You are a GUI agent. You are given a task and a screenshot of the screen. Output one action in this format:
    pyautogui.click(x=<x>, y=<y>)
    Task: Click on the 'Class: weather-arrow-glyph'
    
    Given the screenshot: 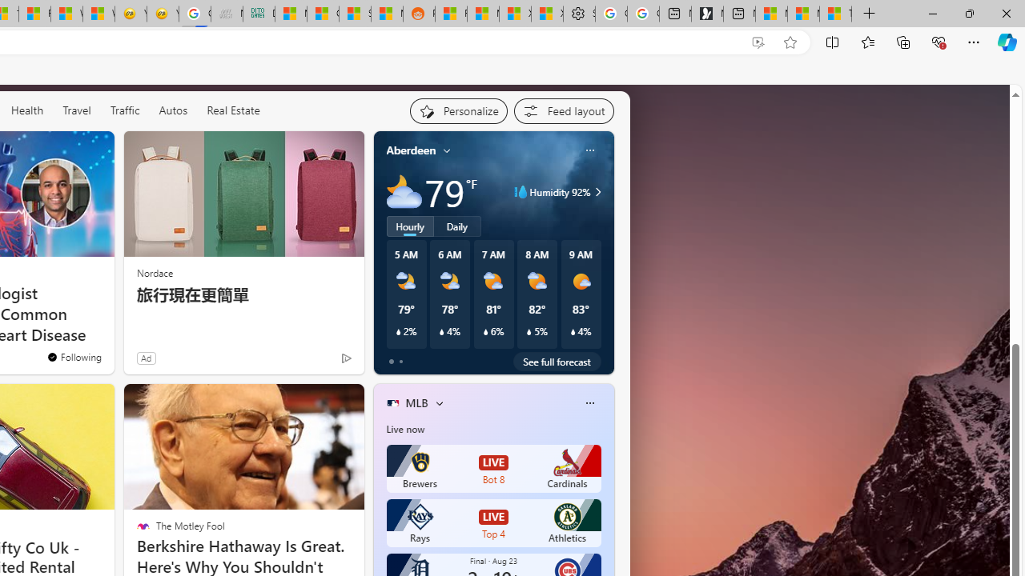 What is the action you would take?
    pyautogui.click(x=597, y=191)
    